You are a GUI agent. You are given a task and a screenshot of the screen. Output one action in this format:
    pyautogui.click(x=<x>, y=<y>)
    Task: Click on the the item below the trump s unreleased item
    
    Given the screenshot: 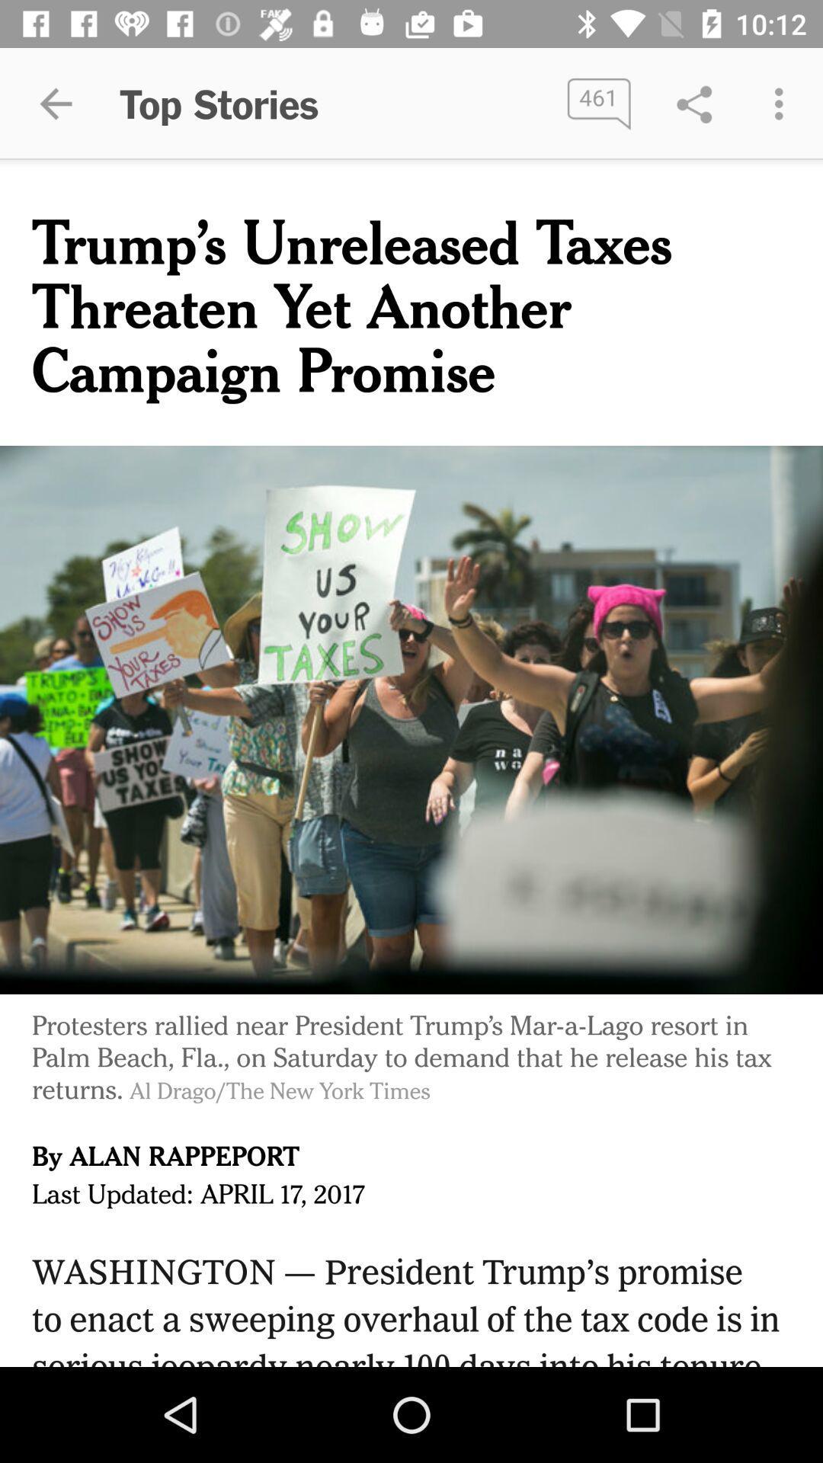 What is the action you would take?
    pyautogui.click(x=411, y=719)
    